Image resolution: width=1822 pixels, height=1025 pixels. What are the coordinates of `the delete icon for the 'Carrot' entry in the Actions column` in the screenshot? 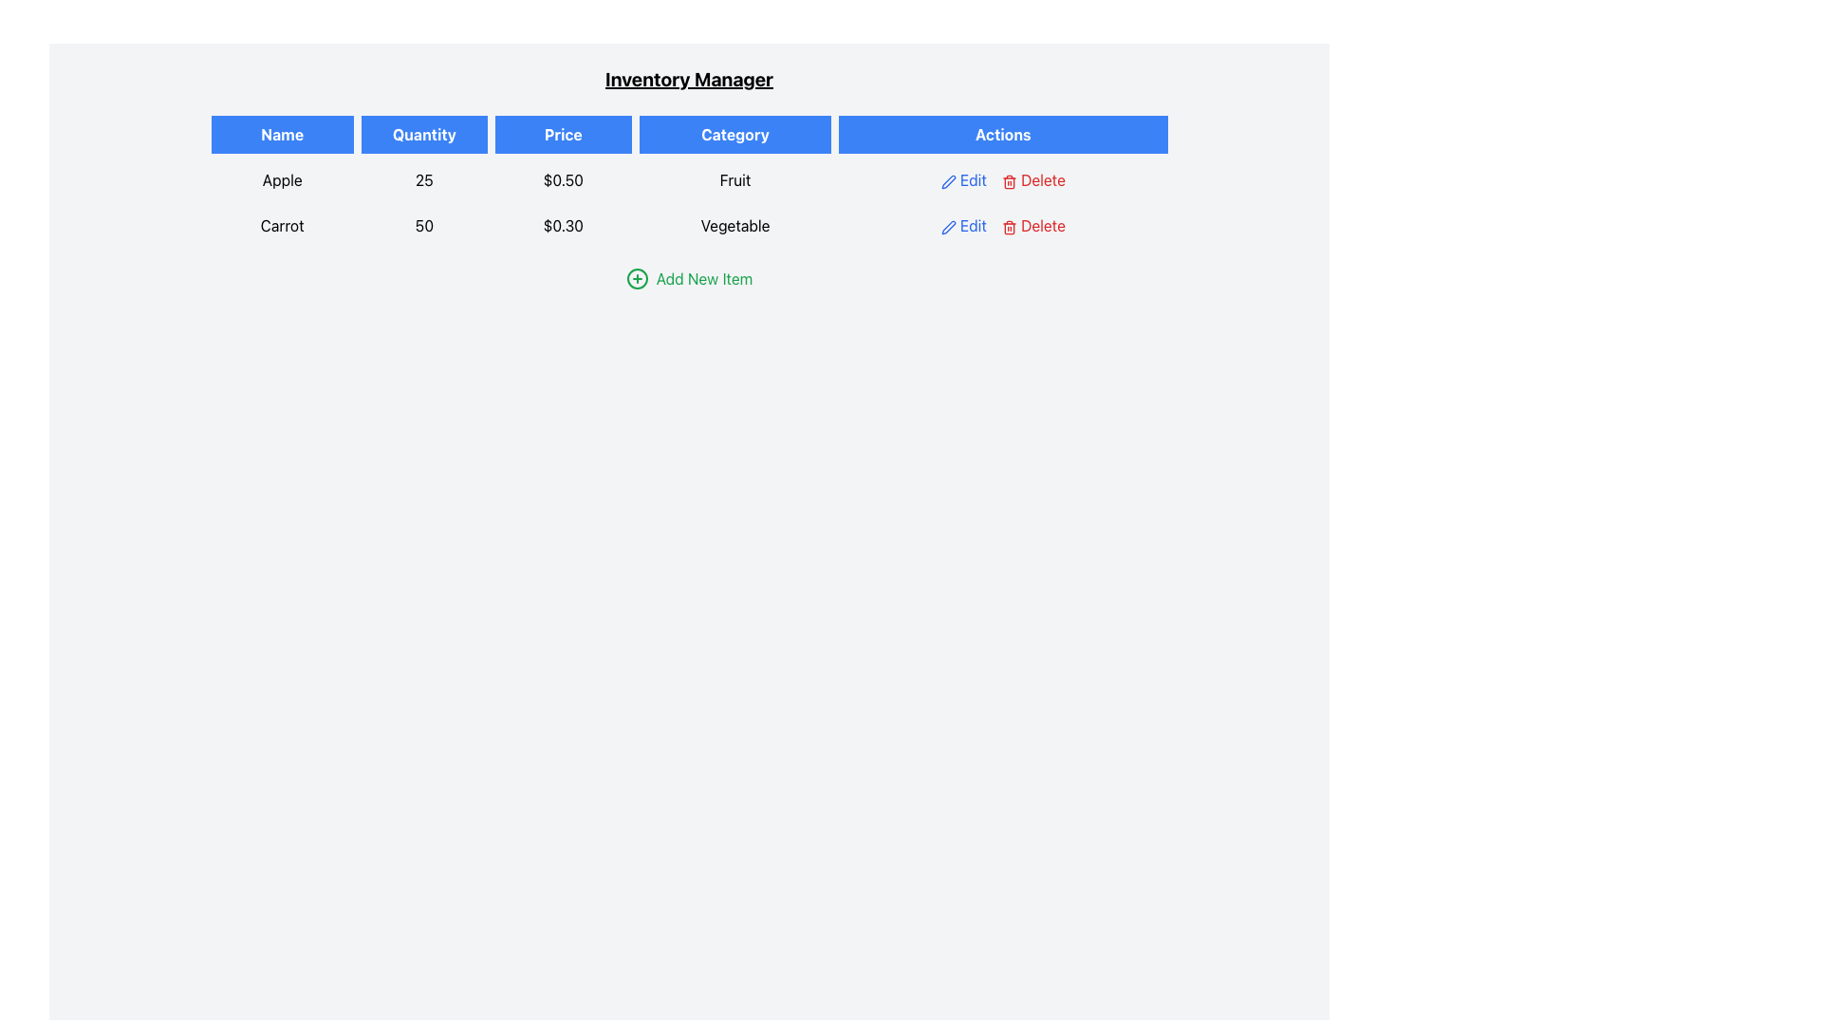 It's located at (1008, 181).